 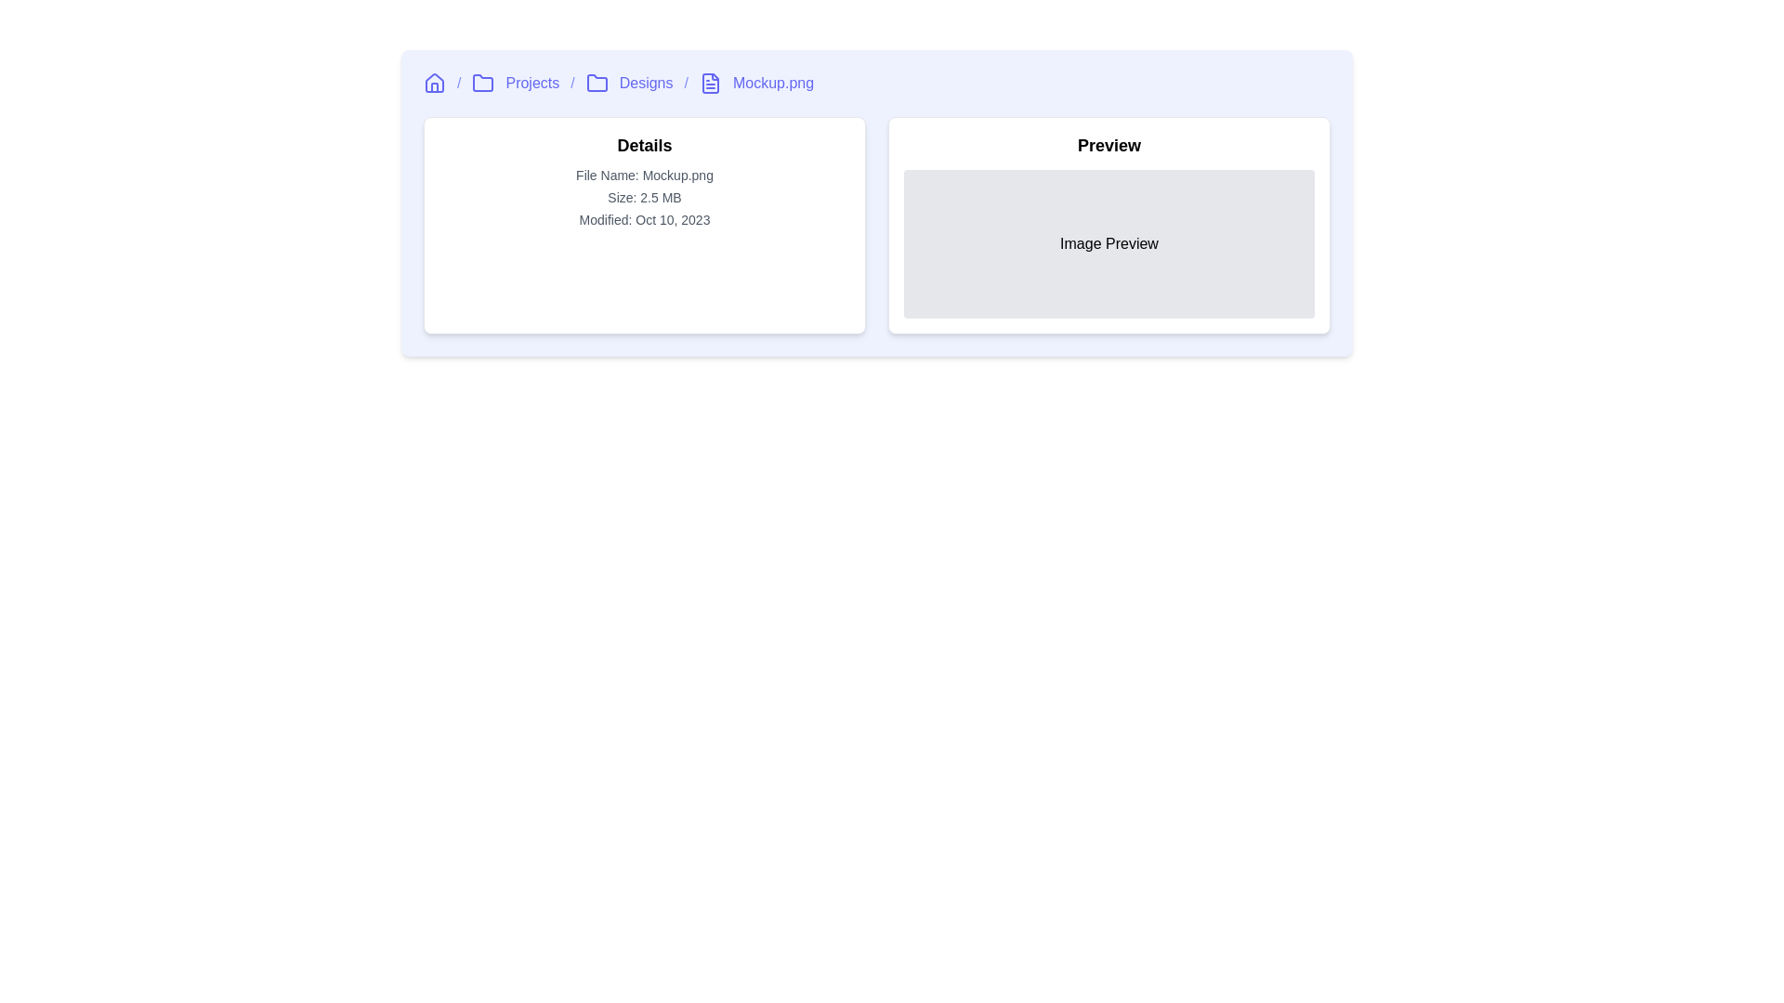 What do you see at coordinates (433, 87) in the screenshot?
I see `the small vertical rectangle inside the house-shaped icon located in the breadcrumb navigation bar at the top of the interface` at bounding box center [433, 87].